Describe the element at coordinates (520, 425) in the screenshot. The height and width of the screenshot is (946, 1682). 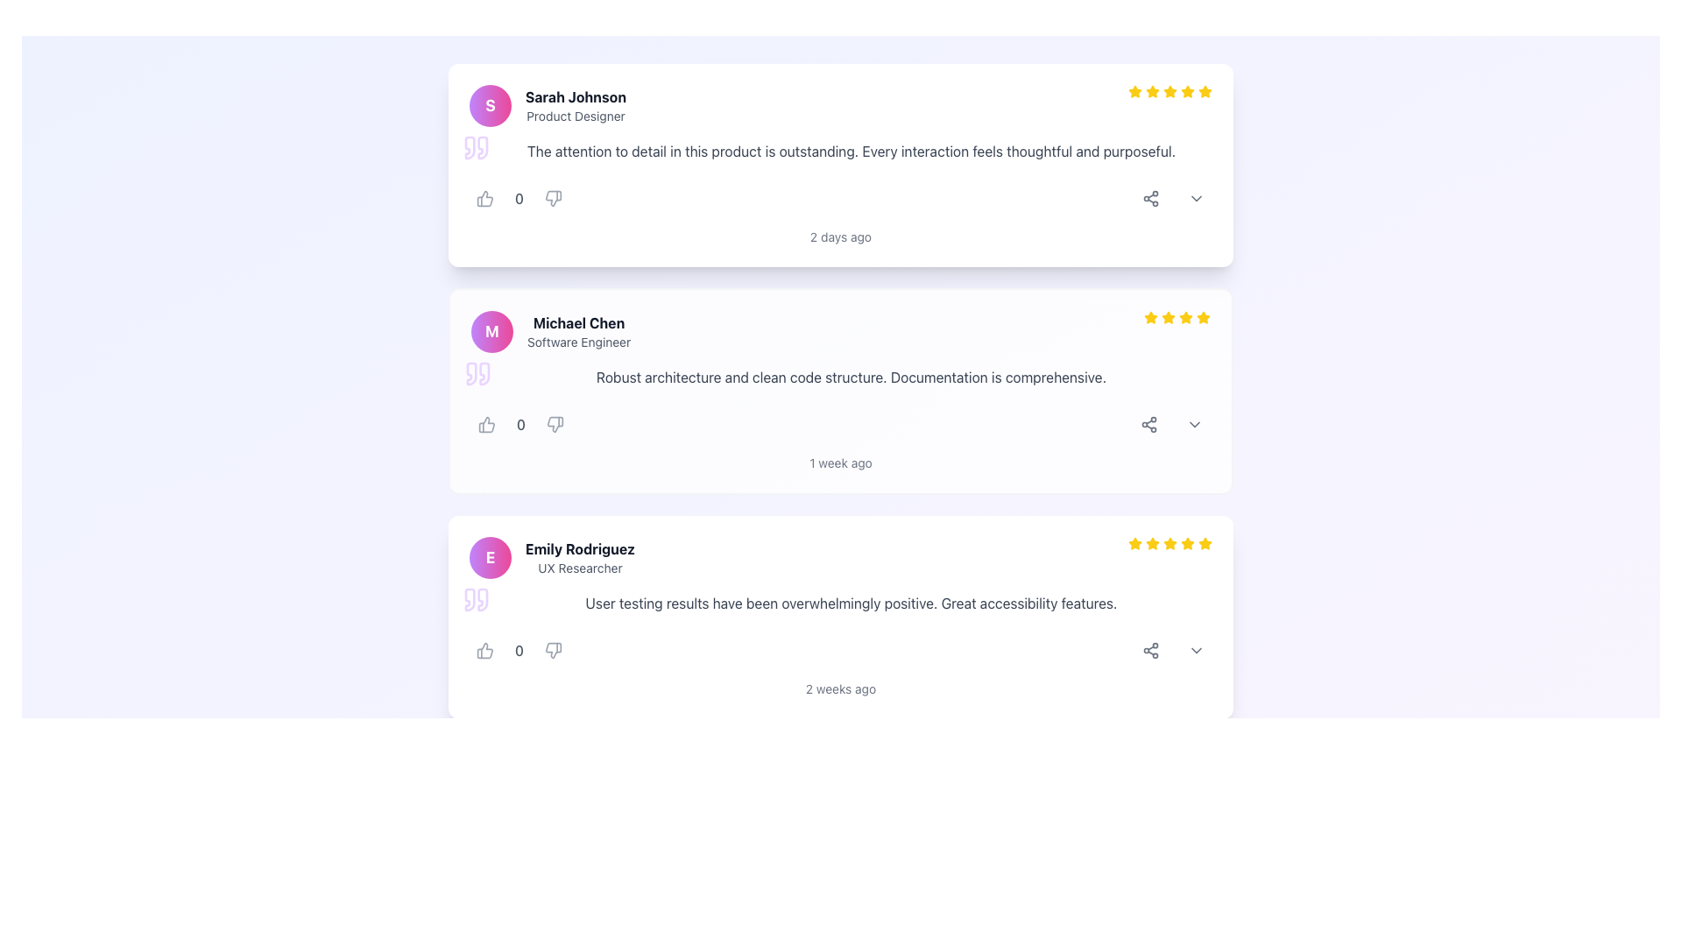
I see `the text label displaying the number '0' in gray font, located centrally between a thumbs-up icon on the left and a thumbs-down icon on the right` at that location.